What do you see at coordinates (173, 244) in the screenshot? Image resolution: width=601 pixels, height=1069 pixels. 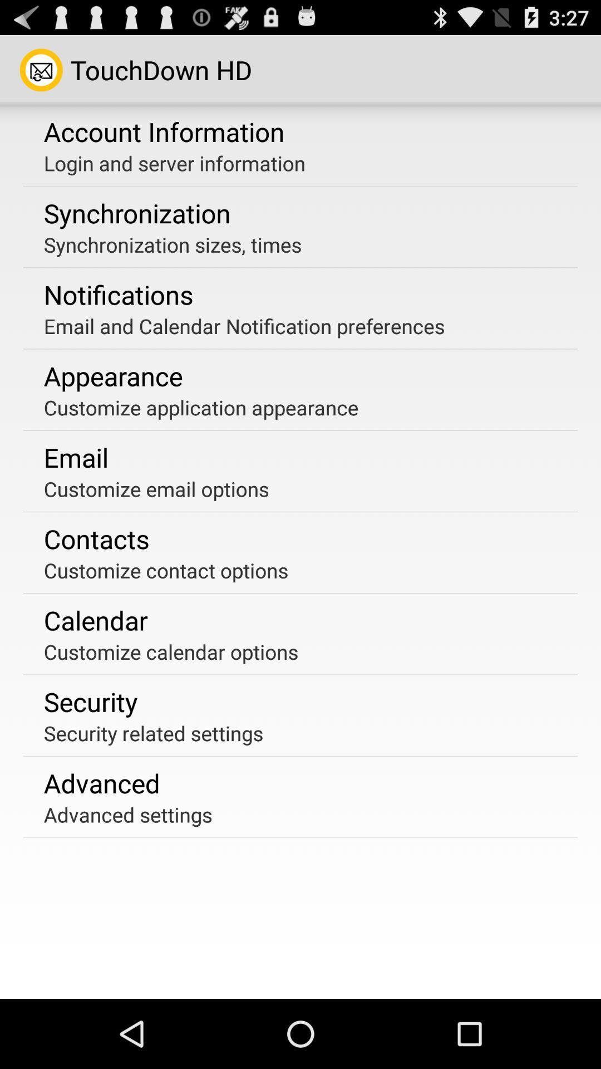 I see `the app below the synchronization` at bounding box center [173, 244].